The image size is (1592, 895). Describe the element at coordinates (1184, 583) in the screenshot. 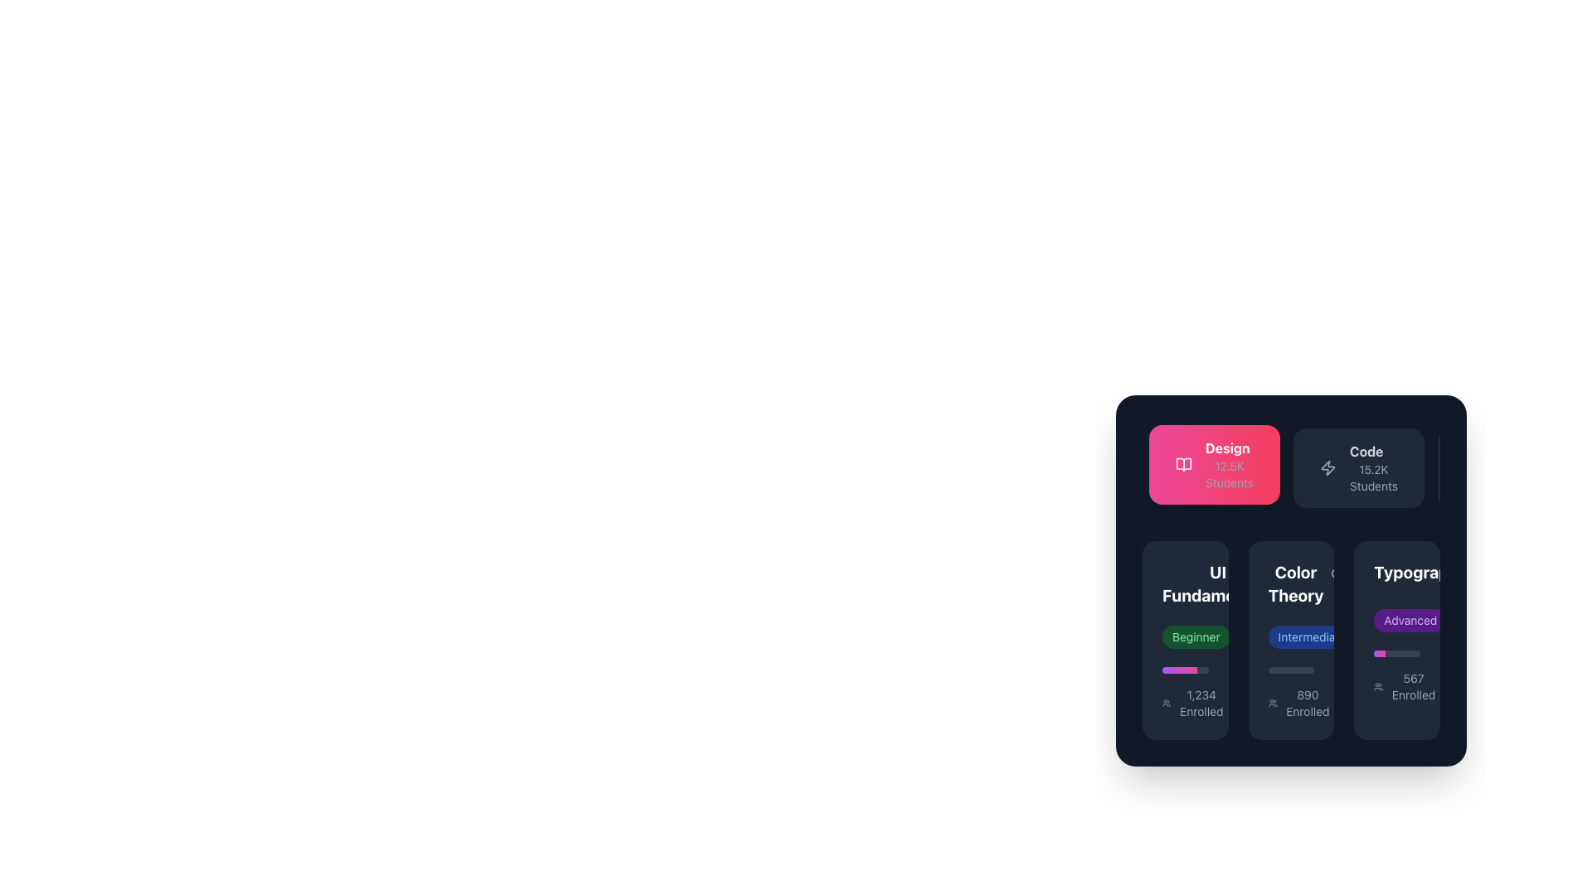

I see `the text label identifying the course titled 'UI Fundamentals' located within the second card of the course details` at that location.